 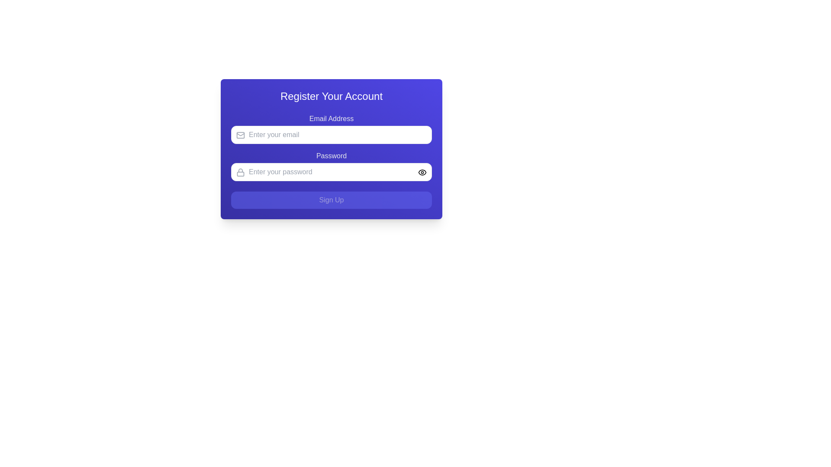 What do you see at coordinates (331, 135) in the screenshot?
I see `the text input field for entering an email address` at bounding box center [331, 135].